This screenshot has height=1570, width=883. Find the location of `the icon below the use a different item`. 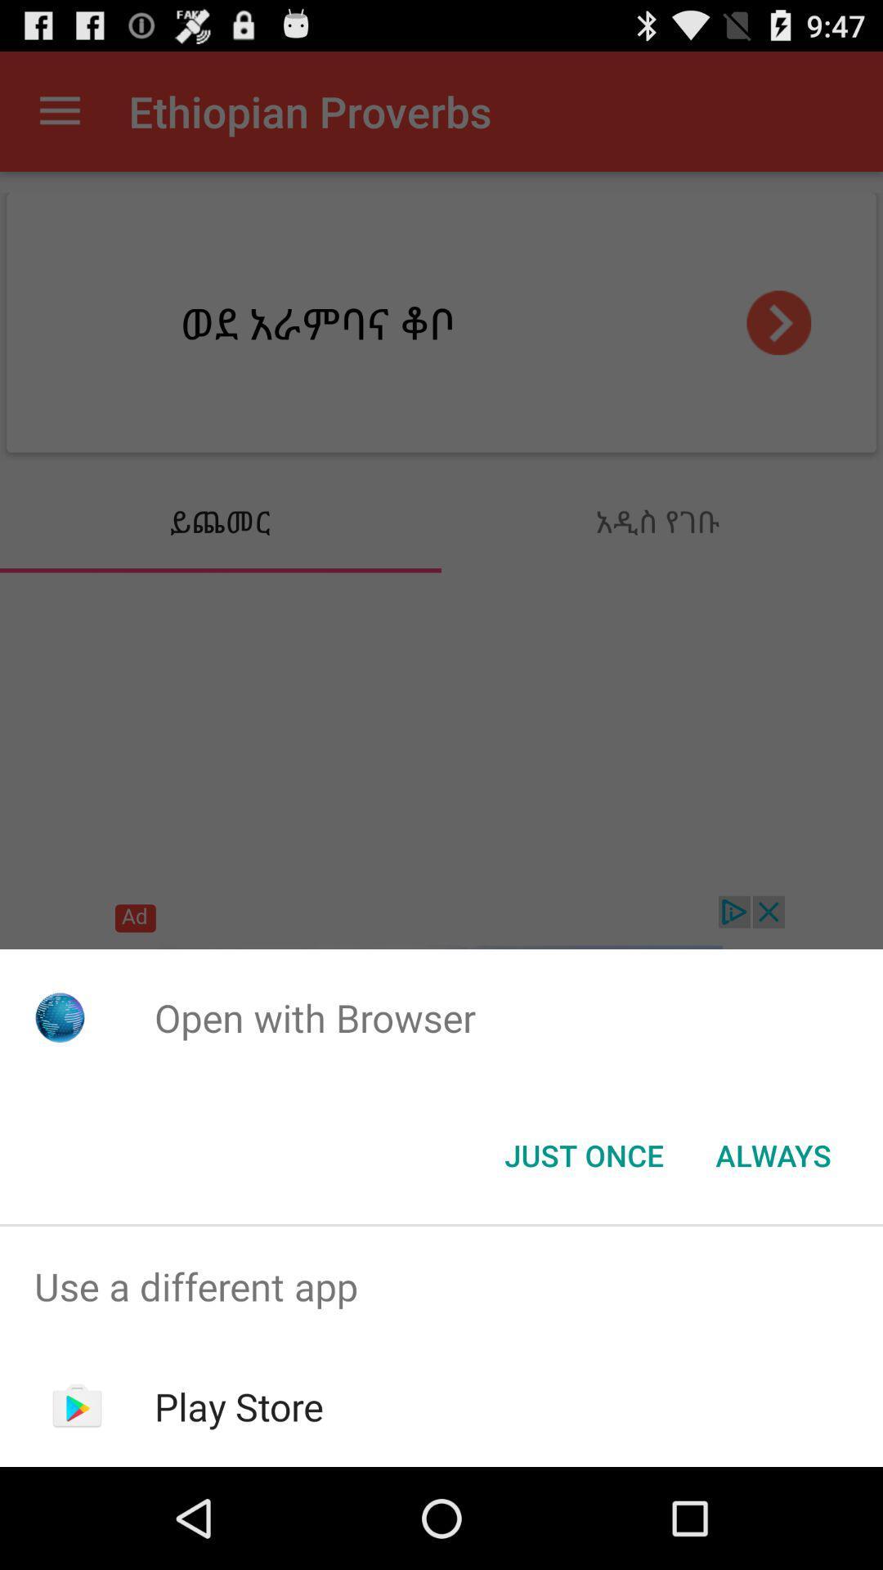

the icon below the use a different item is located at coordinates (239, 1406).